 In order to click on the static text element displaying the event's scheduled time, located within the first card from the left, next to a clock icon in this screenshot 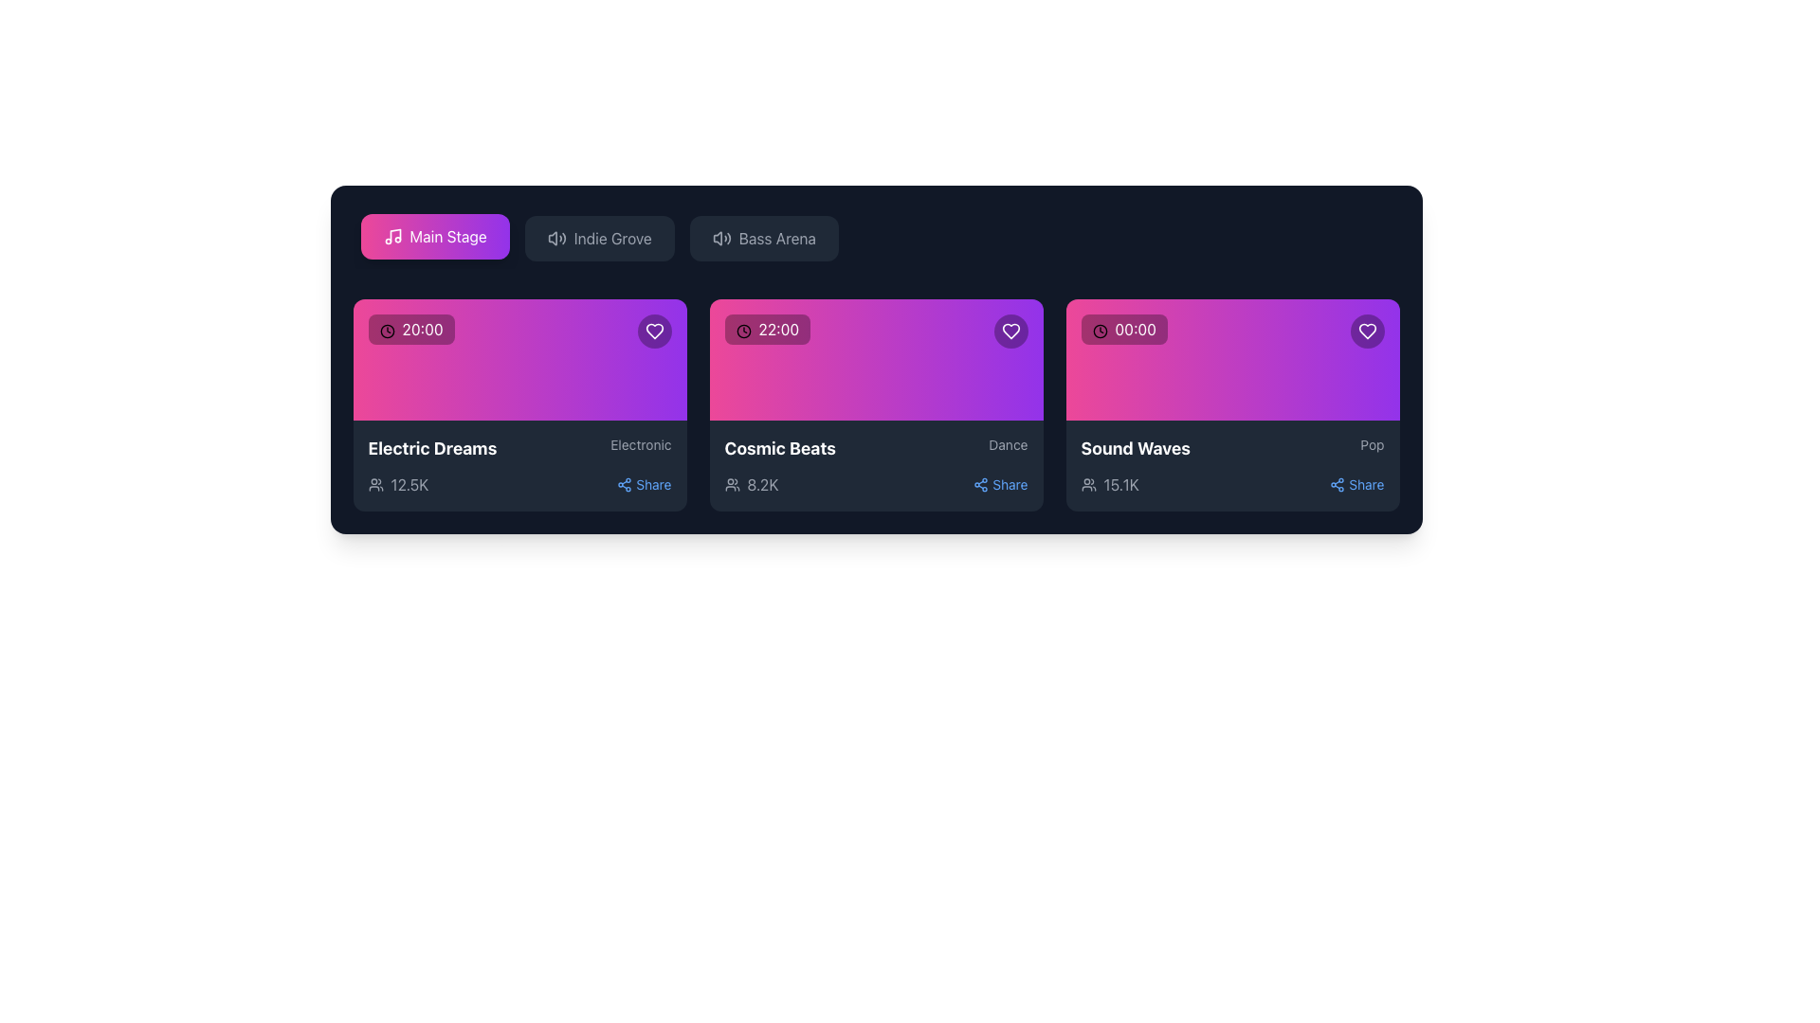, I will do `click(422, 328)`.